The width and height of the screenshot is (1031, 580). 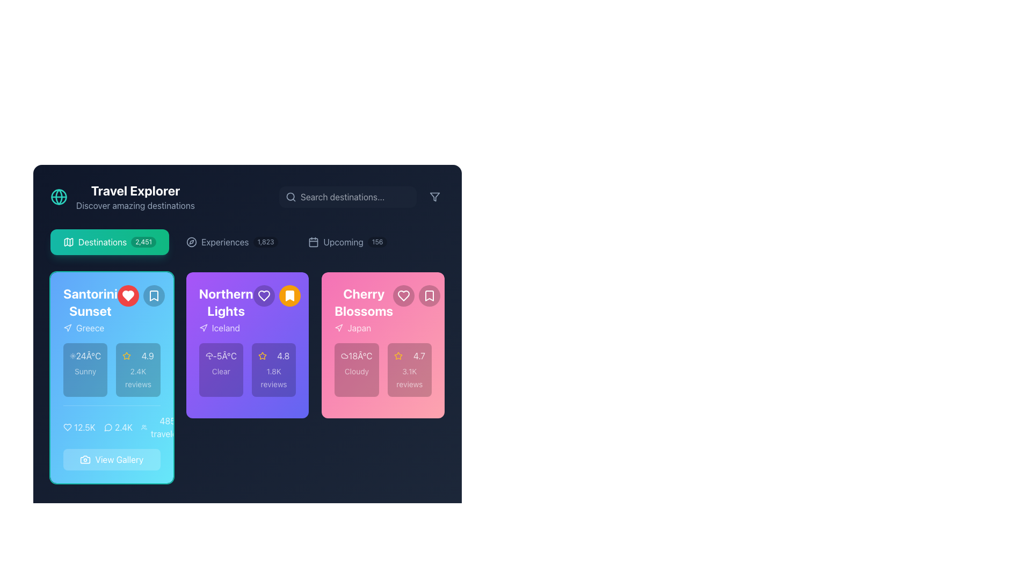 What do you see at coordinates (192, 242) in the screenshot?
I see `the circular SVG element that is part of a compass-like shape in the toolbar zone at the top of the layout` at bounding box center [192, 242].